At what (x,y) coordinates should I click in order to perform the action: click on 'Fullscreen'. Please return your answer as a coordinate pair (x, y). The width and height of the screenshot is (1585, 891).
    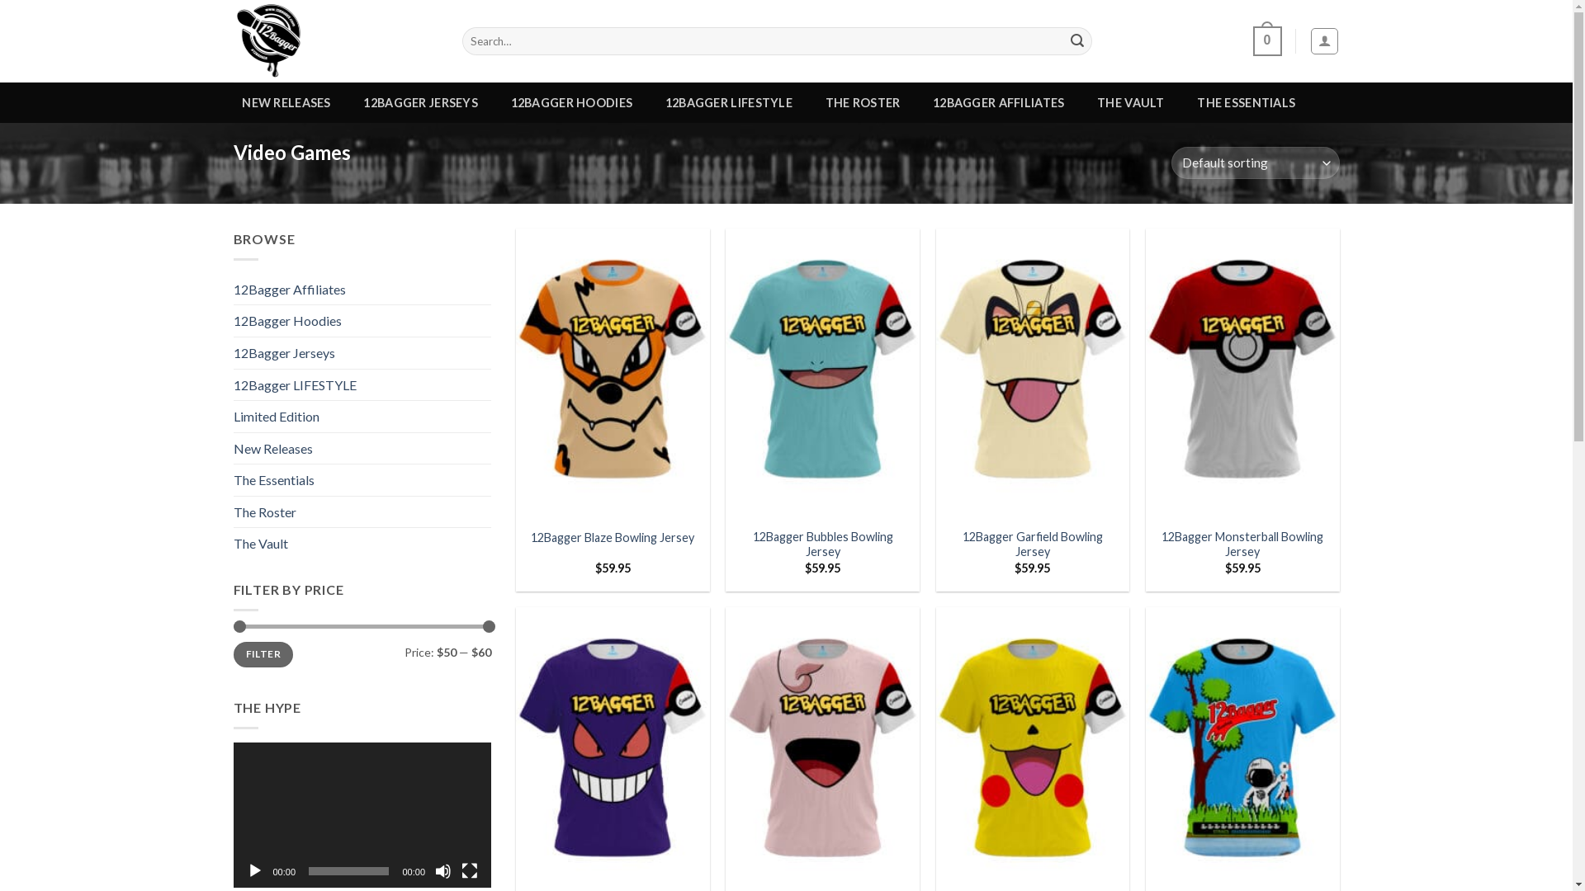
    Looking at the image, I should click on (469, 870).